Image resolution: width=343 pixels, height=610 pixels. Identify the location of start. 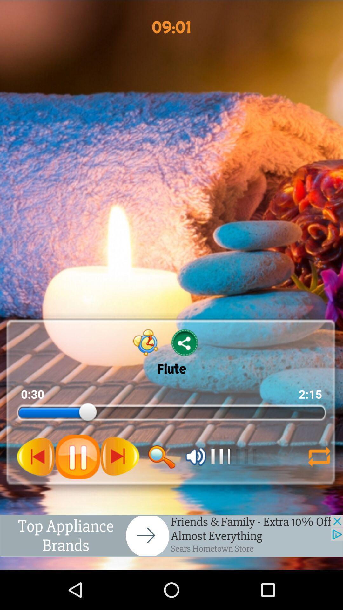
(36, 456).